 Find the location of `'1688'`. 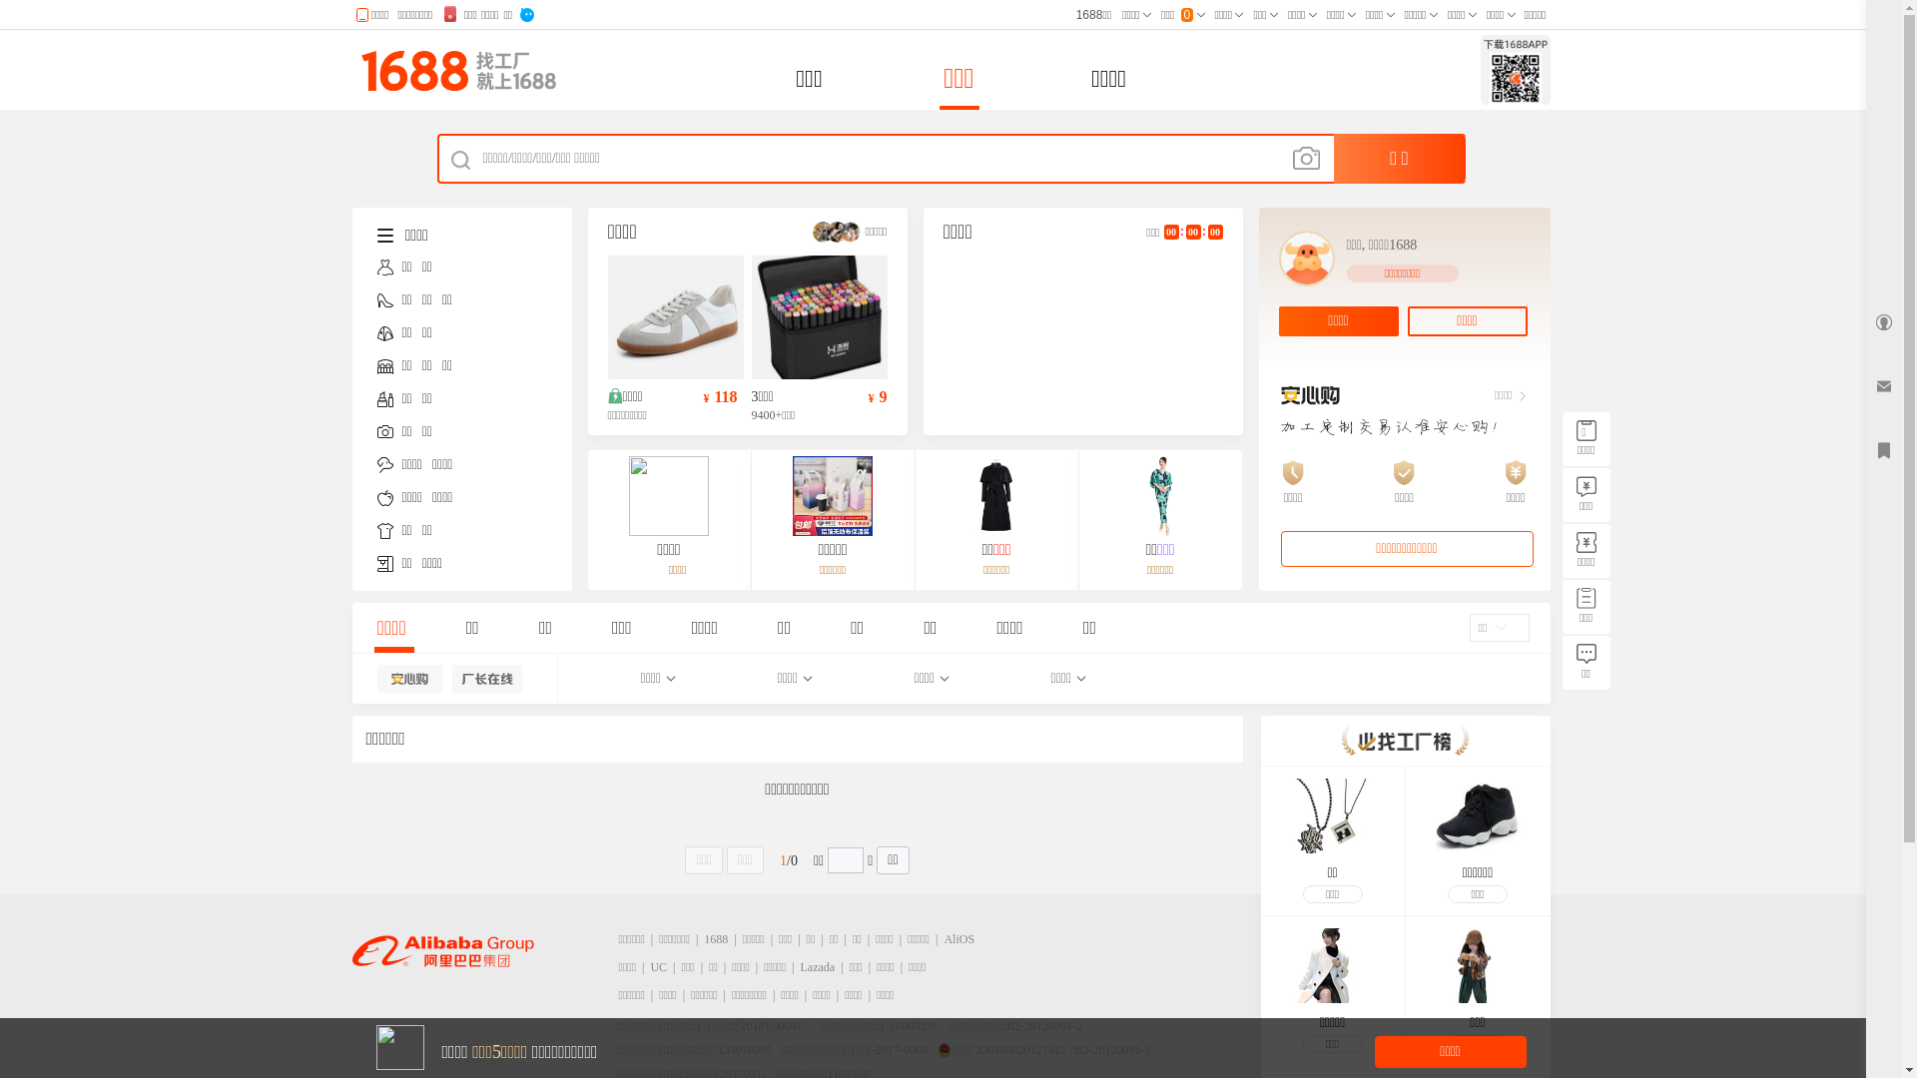

'1688' is located at coordinates (715, 939).